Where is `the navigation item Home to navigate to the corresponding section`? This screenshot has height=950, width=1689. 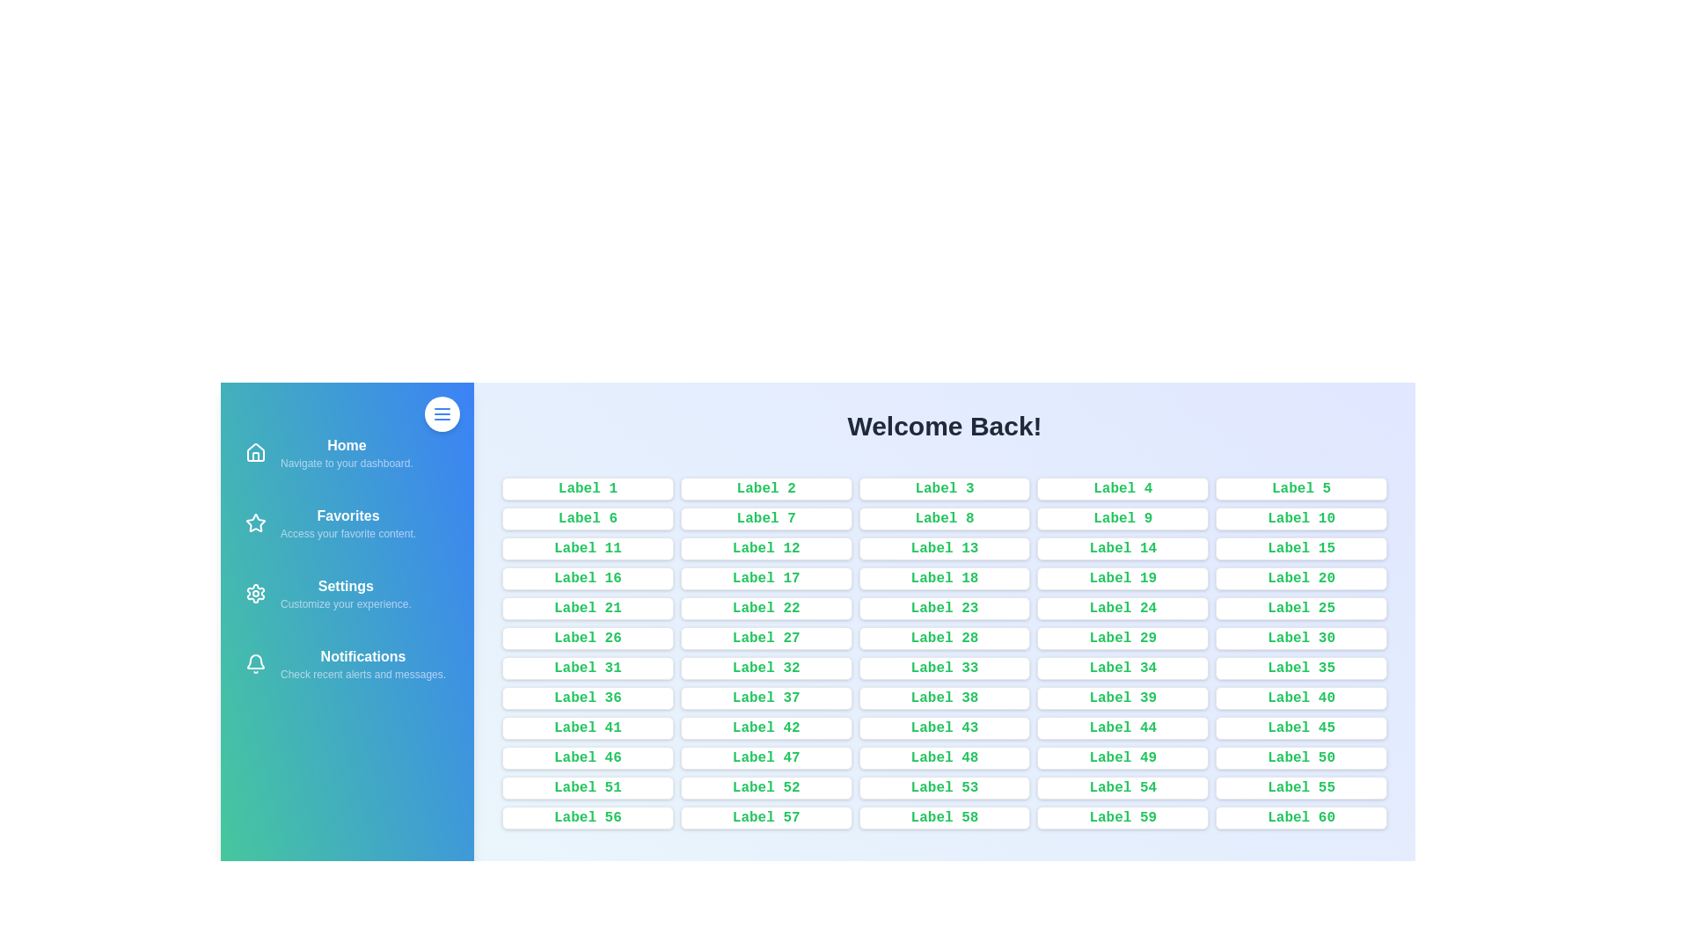
the navigation item Home to navigate to the corresponding section is located at coordinates (347, 452).